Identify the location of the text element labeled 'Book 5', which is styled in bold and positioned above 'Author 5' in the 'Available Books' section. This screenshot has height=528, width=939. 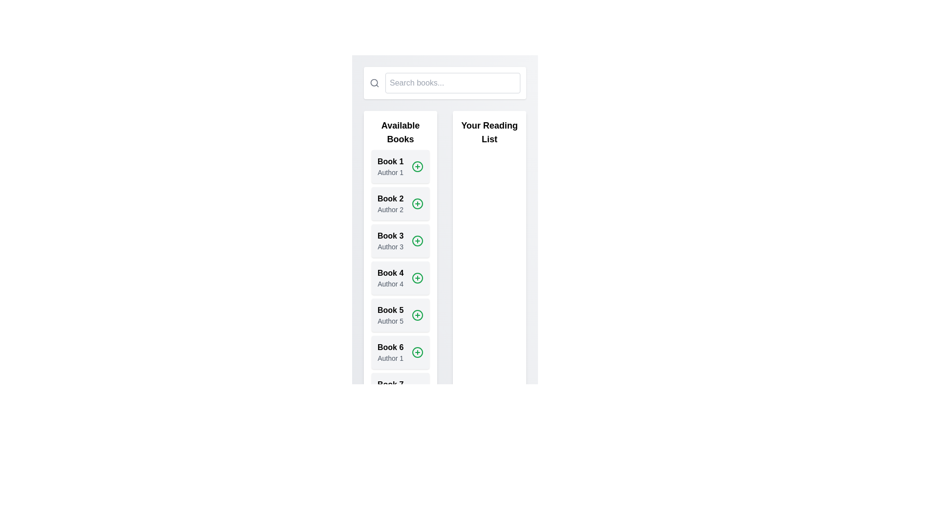
(390, 310).